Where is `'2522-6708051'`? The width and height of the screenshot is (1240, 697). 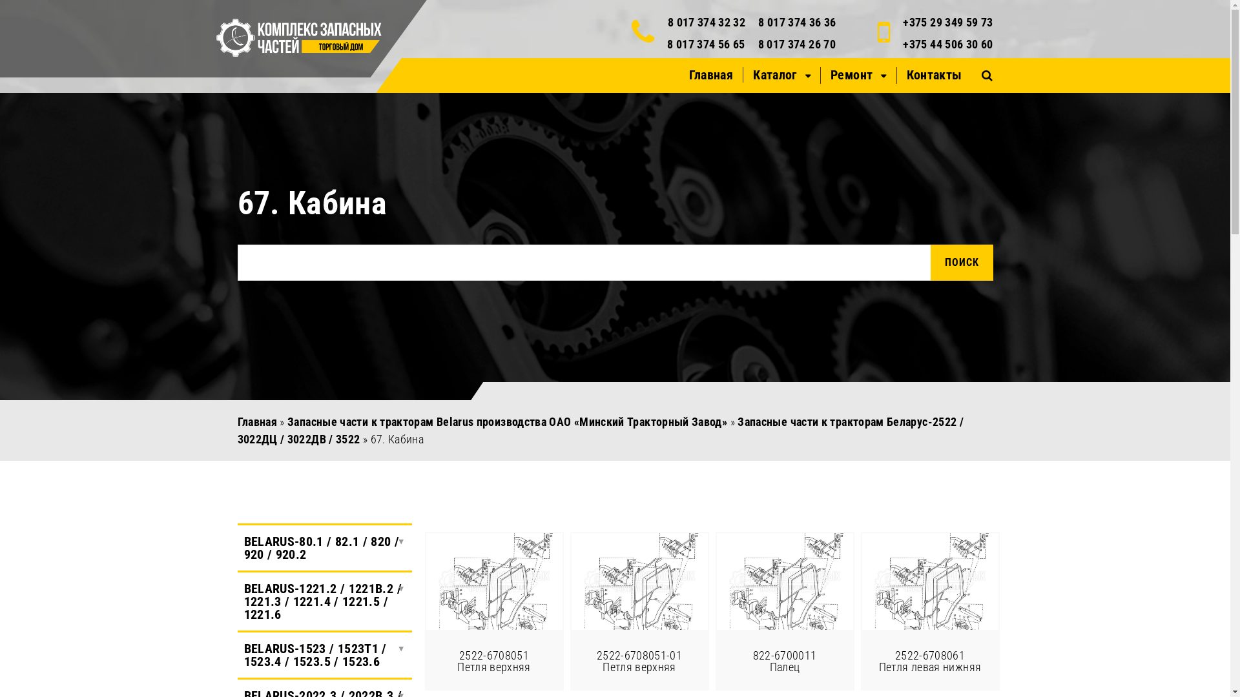
'2522-6708051' is located at coordinates (493, 581).